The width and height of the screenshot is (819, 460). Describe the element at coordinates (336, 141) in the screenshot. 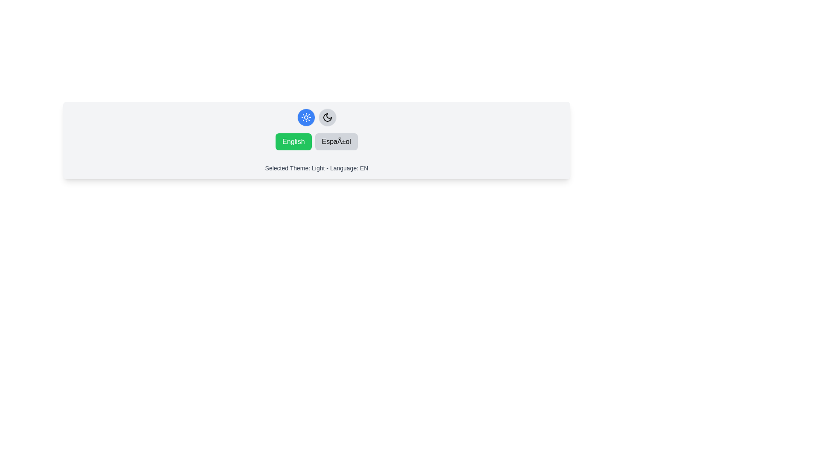

I see `the 'Español' button, which has a light gray background and rounded corners` at that location.